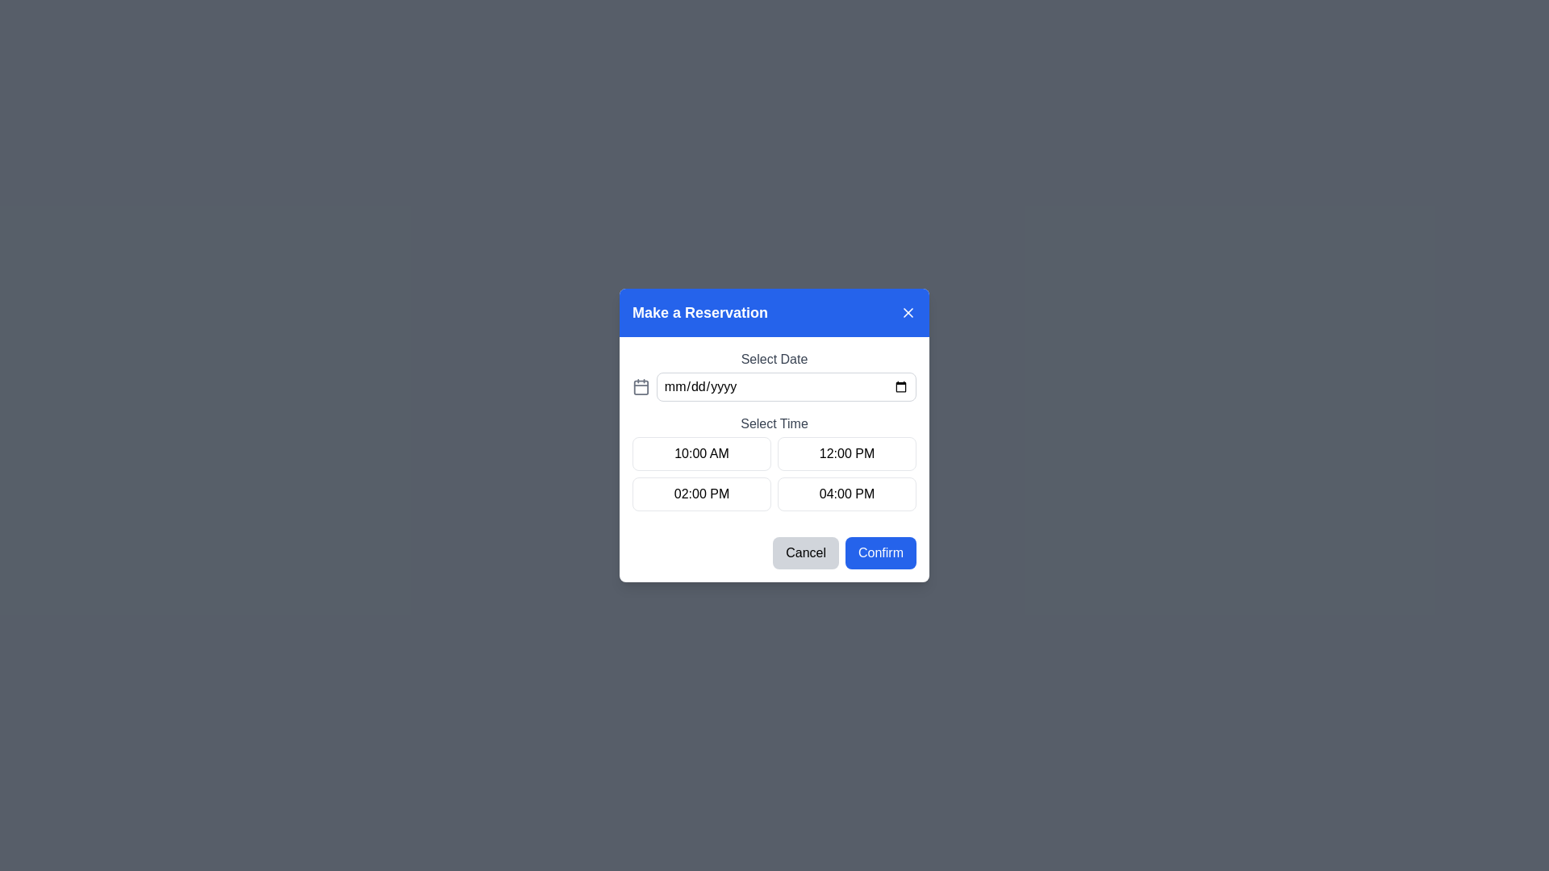 The height and width of the screenshot is (871, 1549). I want to click on the calendar icon component located next to the date input field in the reservation dialog box, which aids in date selection, so click(640, 387).